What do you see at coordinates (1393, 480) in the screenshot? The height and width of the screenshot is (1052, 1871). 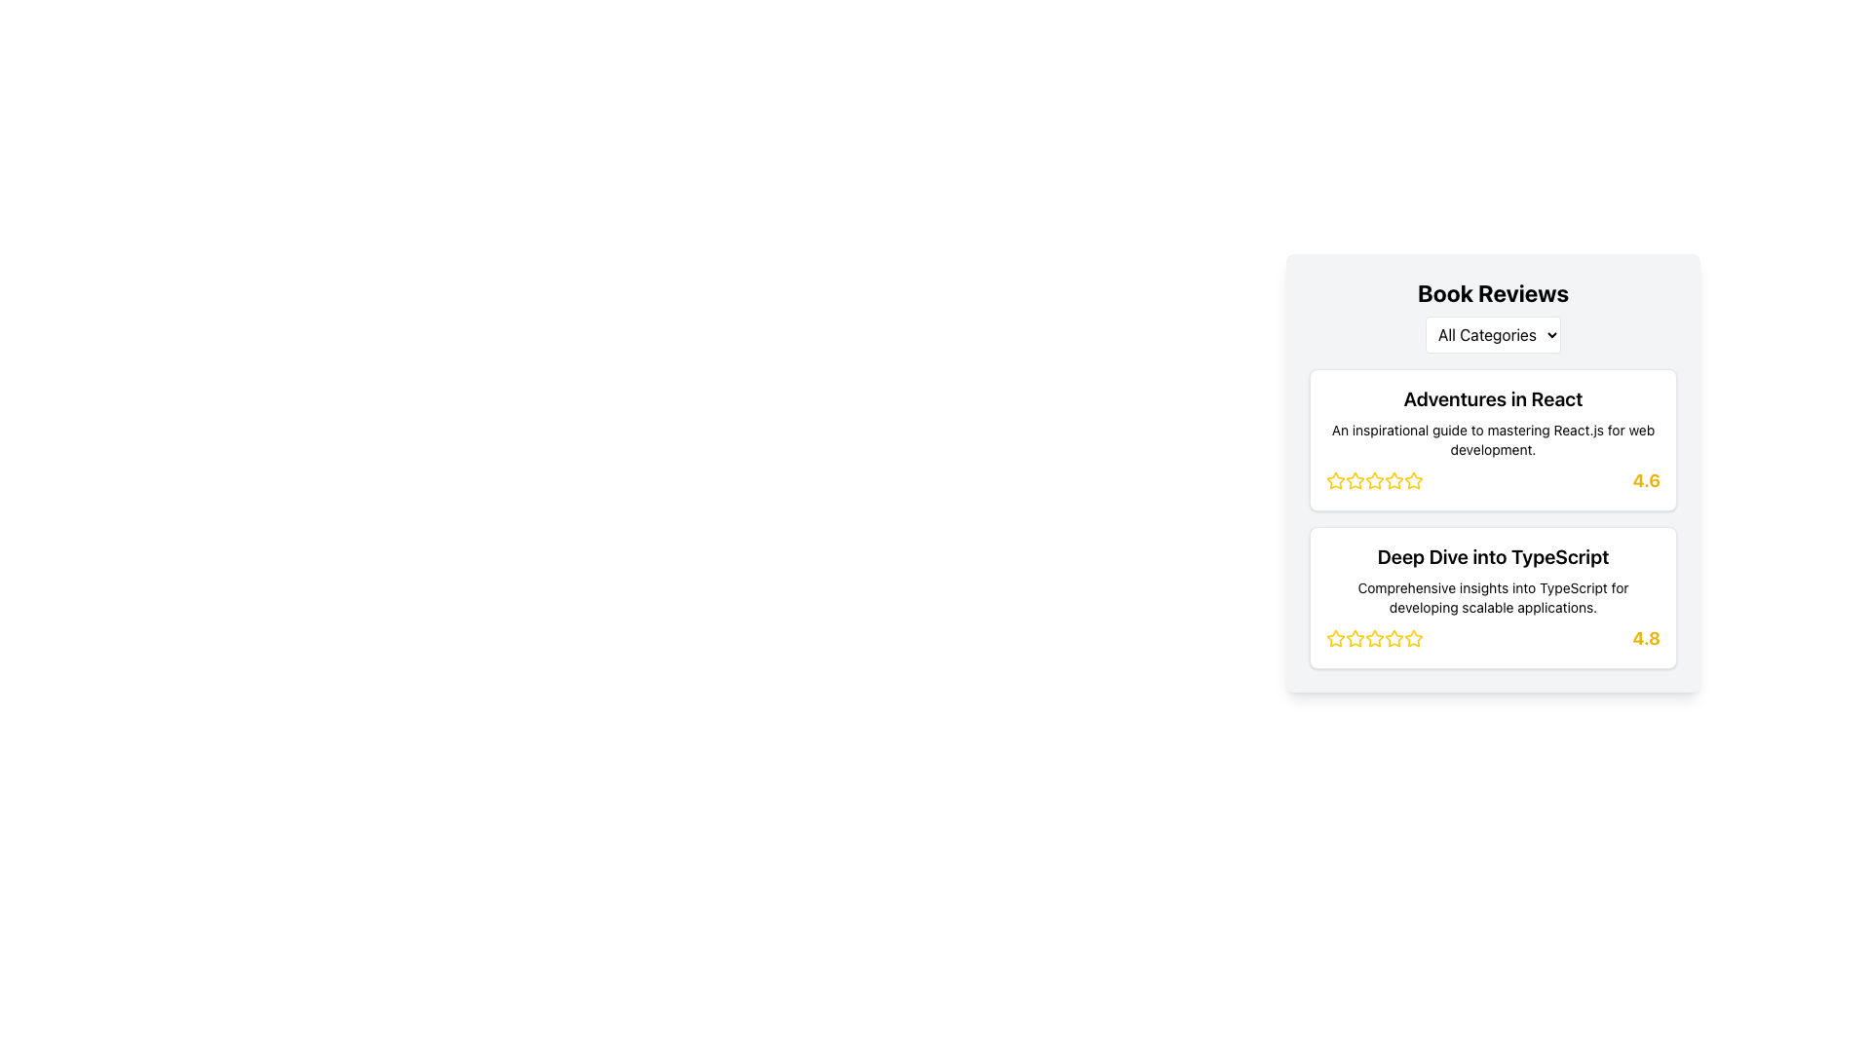 I see `the fifth star in the rating cluster located under the title 'Adventures in React' in the 'Book Reviews' section` at bounding box center [1393, 480].